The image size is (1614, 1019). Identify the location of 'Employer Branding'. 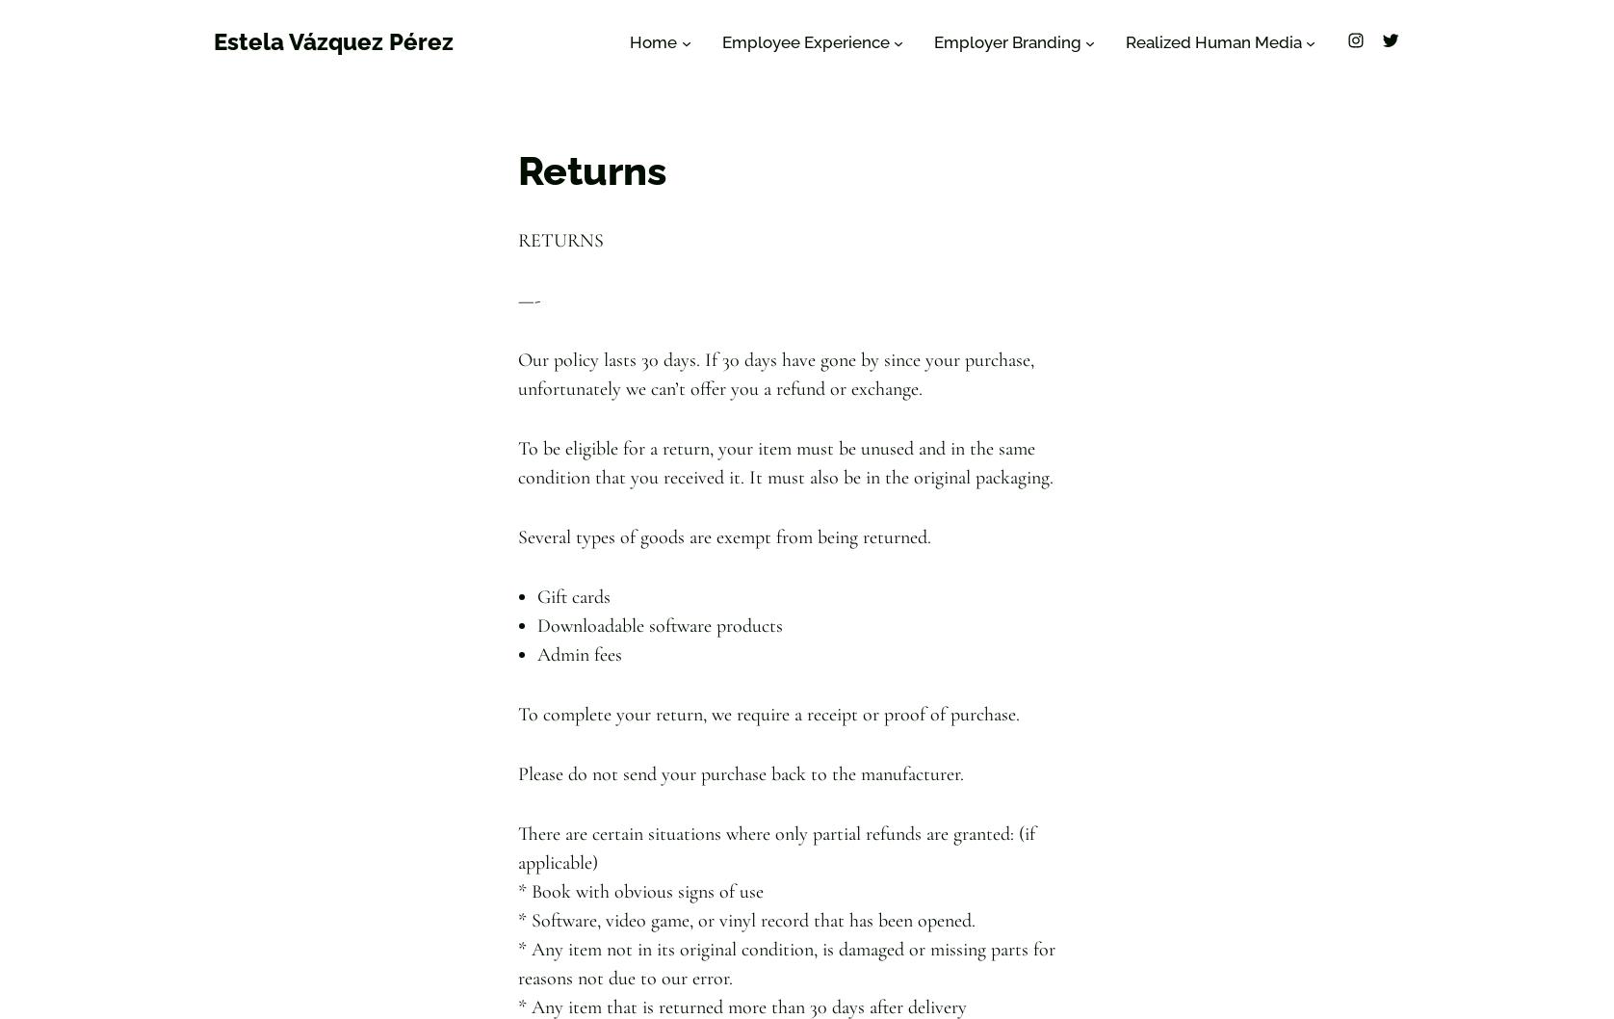
(1006, 42).